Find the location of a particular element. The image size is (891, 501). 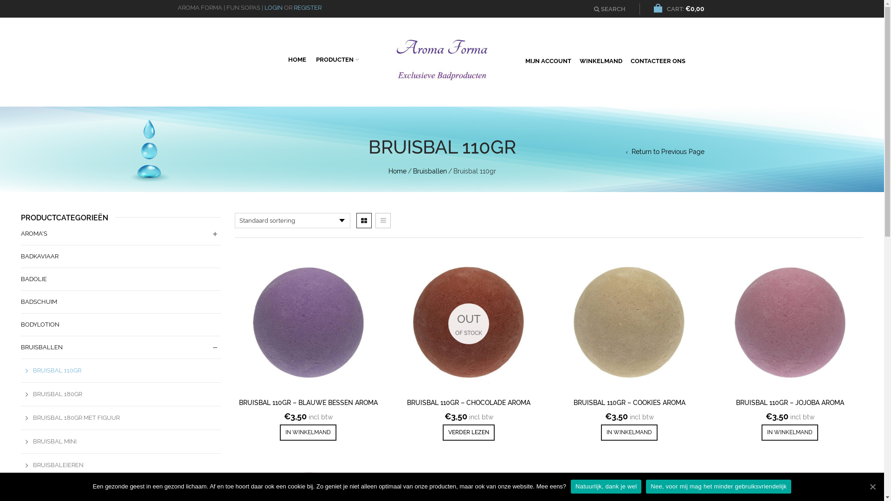

'VERDER LEZEN' is located at coordinates (442, 432).